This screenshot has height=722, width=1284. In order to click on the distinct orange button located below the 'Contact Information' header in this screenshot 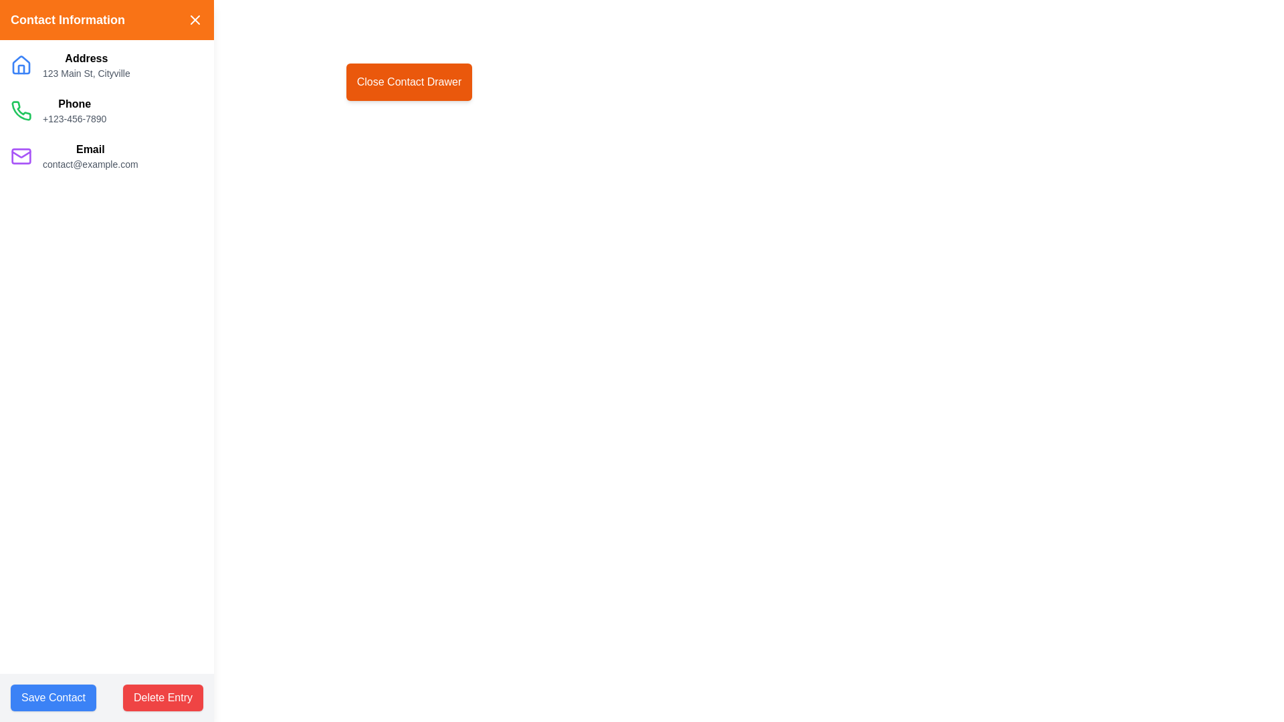, I will do `click(408, 82)`.